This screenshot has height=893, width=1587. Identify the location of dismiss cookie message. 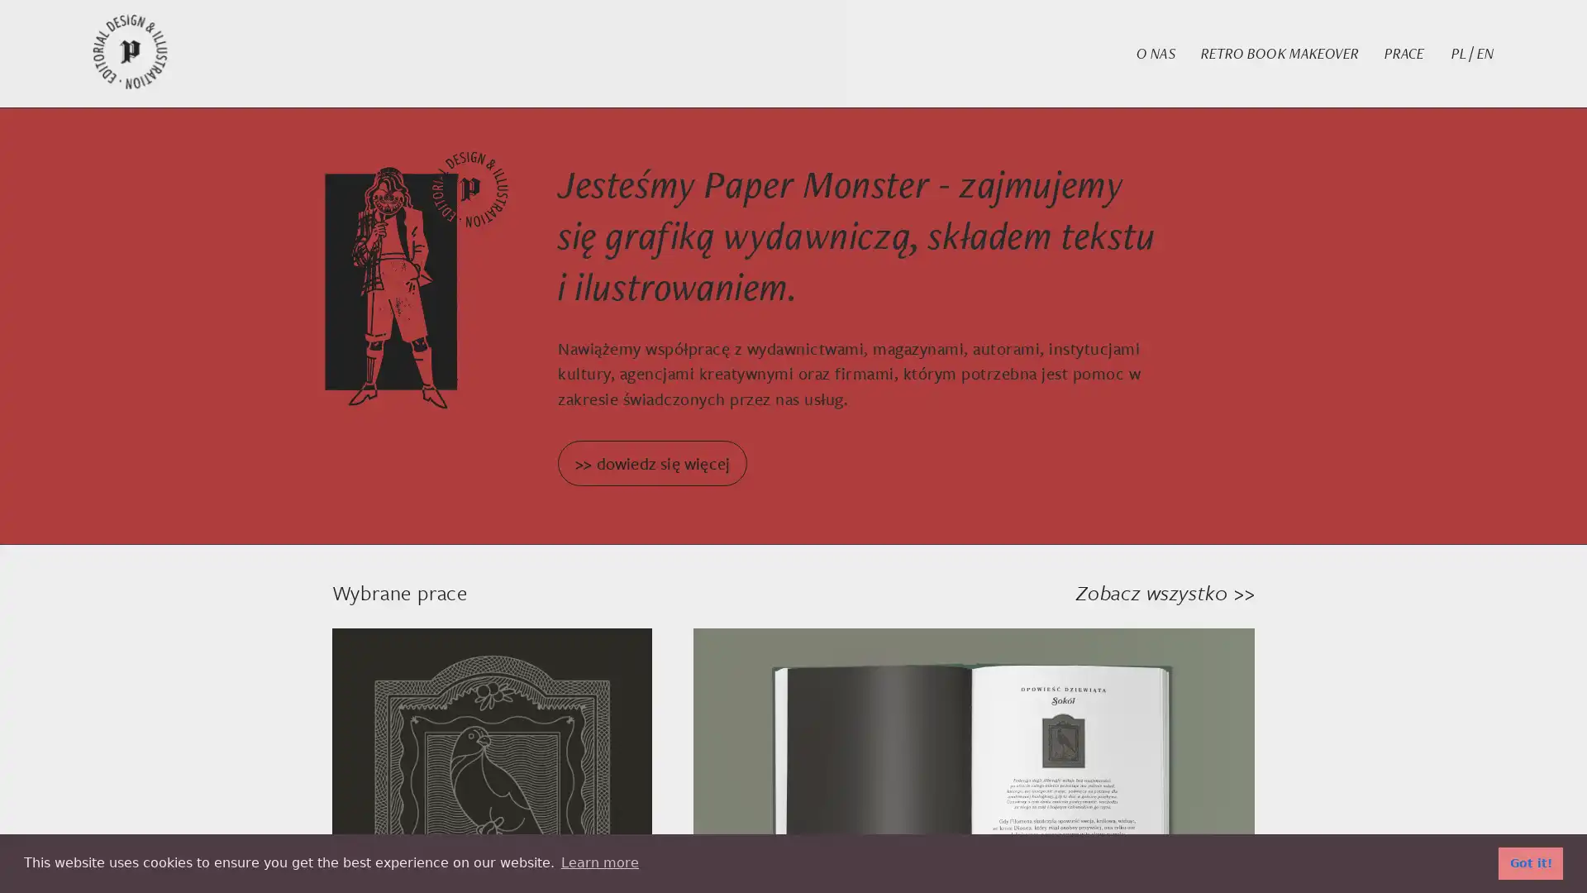
(1530, 862).